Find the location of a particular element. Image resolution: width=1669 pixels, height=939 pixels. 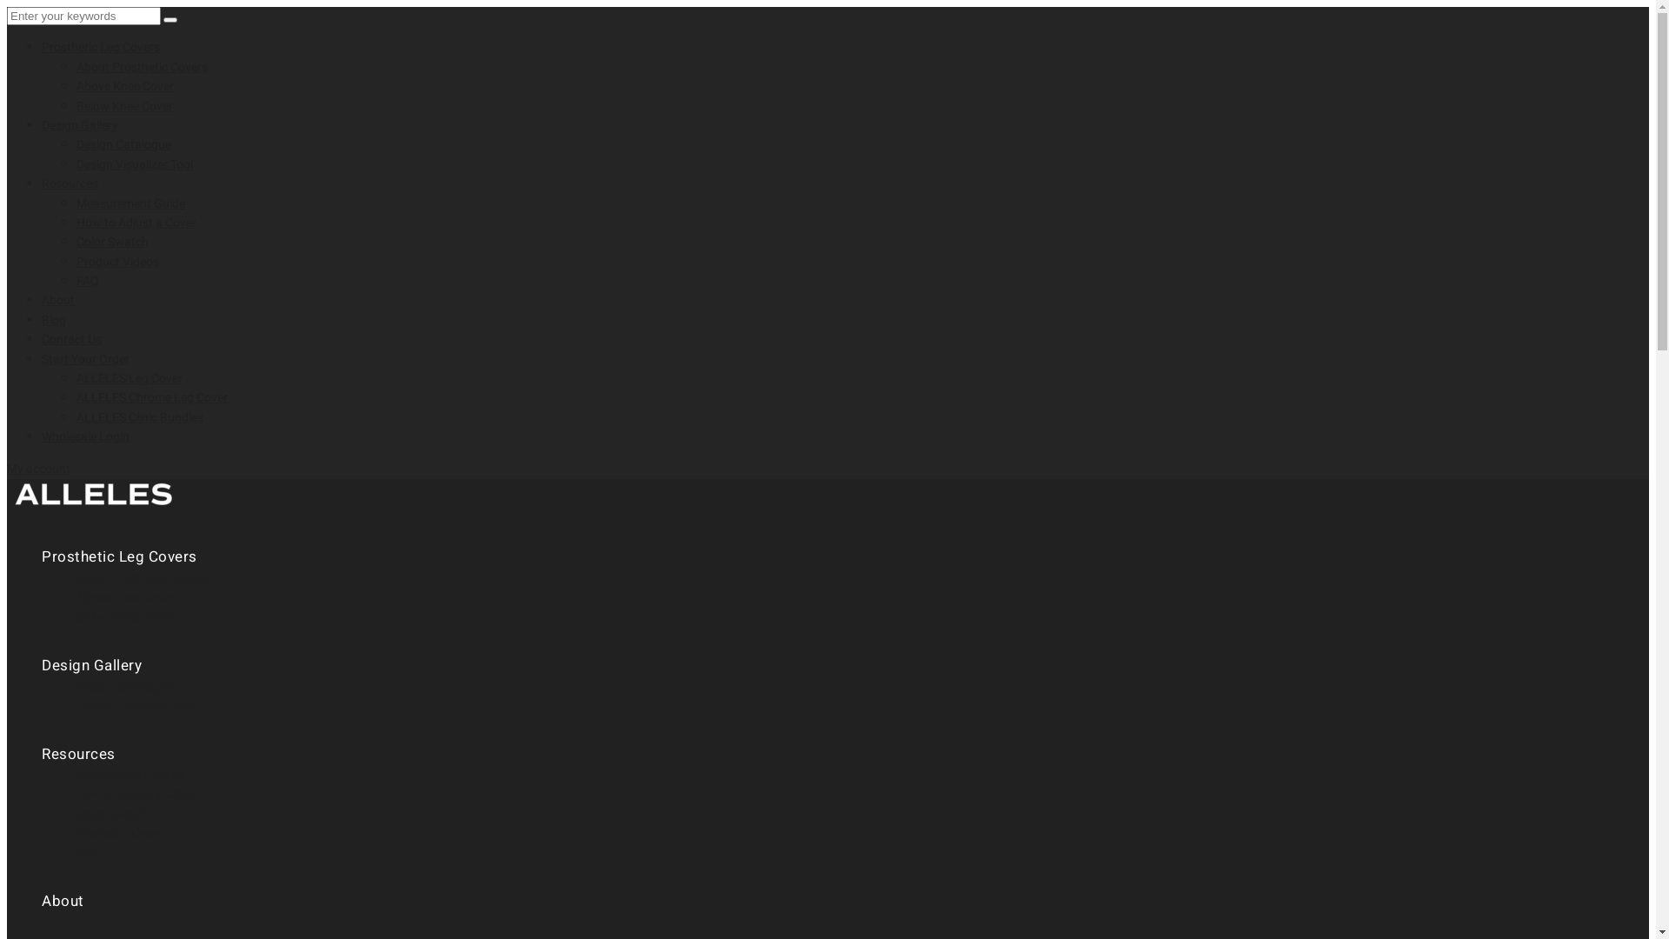

'About' is located at coordinates (58, 299).